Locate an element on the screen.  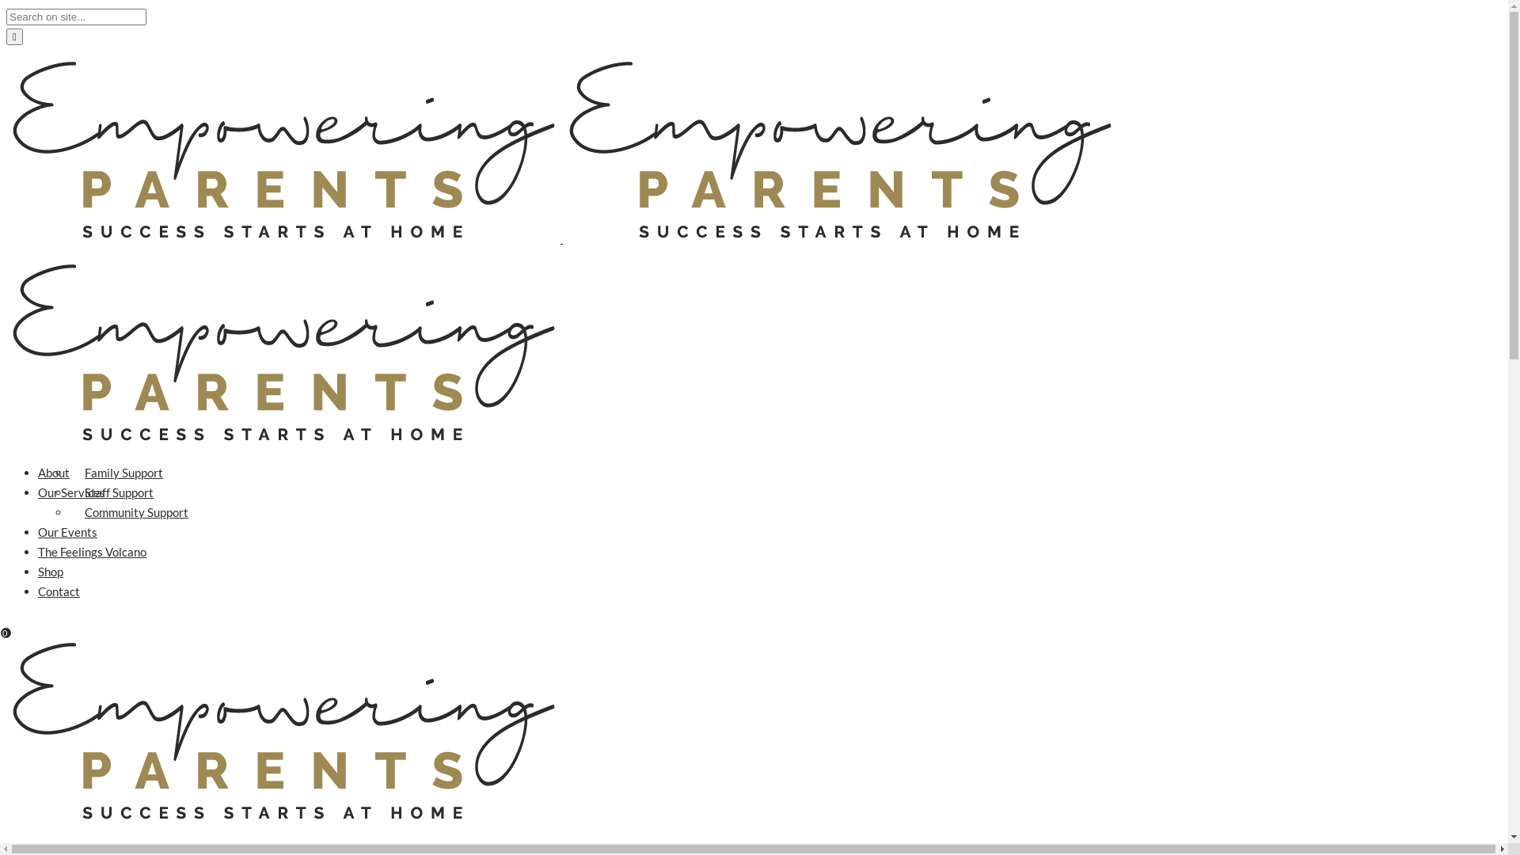
'Family Support' is located at coordinates (123, 472).